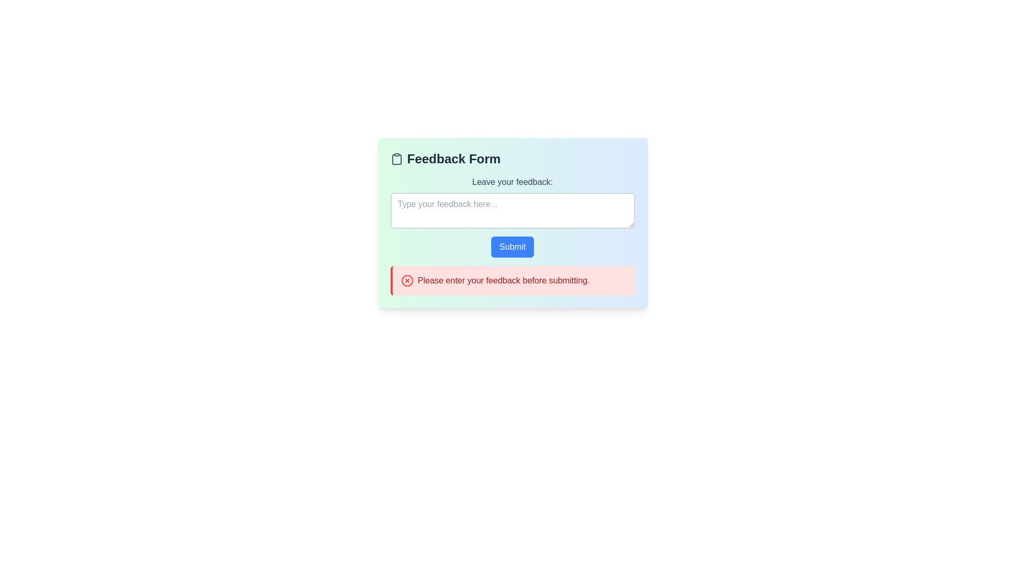 The height and width of the screenshot is (569, 1012). I want to click on the blue 'Submit' button with white text, so click(512, 247).